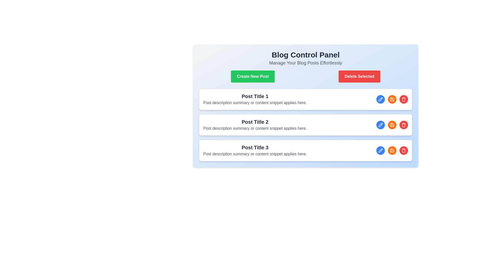  What do you see at coordinates (404, 100) in the screenshot?
I see `the trash icon located at the far right of the third row in the list of posts, which signifies the delete functionality for 'Post Title 3'` at bounding box center [404, 100].